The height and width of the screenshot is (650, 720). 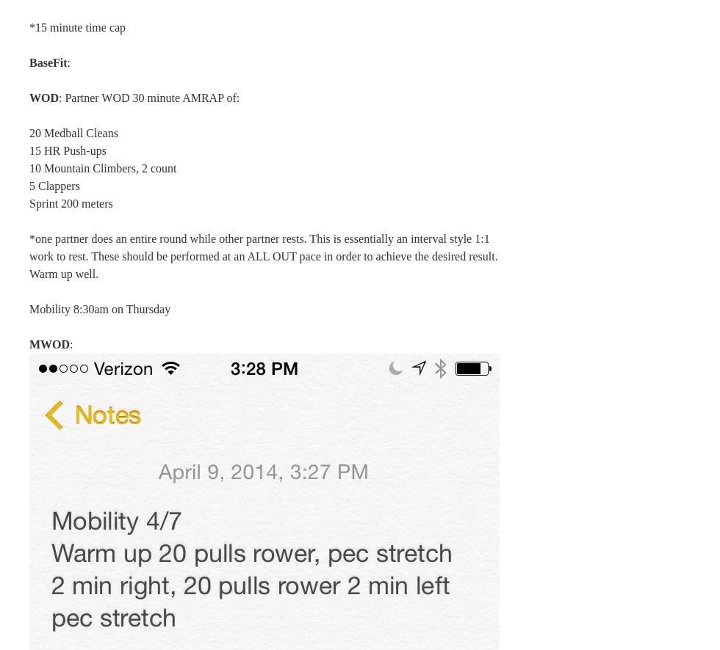 I want to click on 'Sprint 200 meters', so click(x=71, y=203).